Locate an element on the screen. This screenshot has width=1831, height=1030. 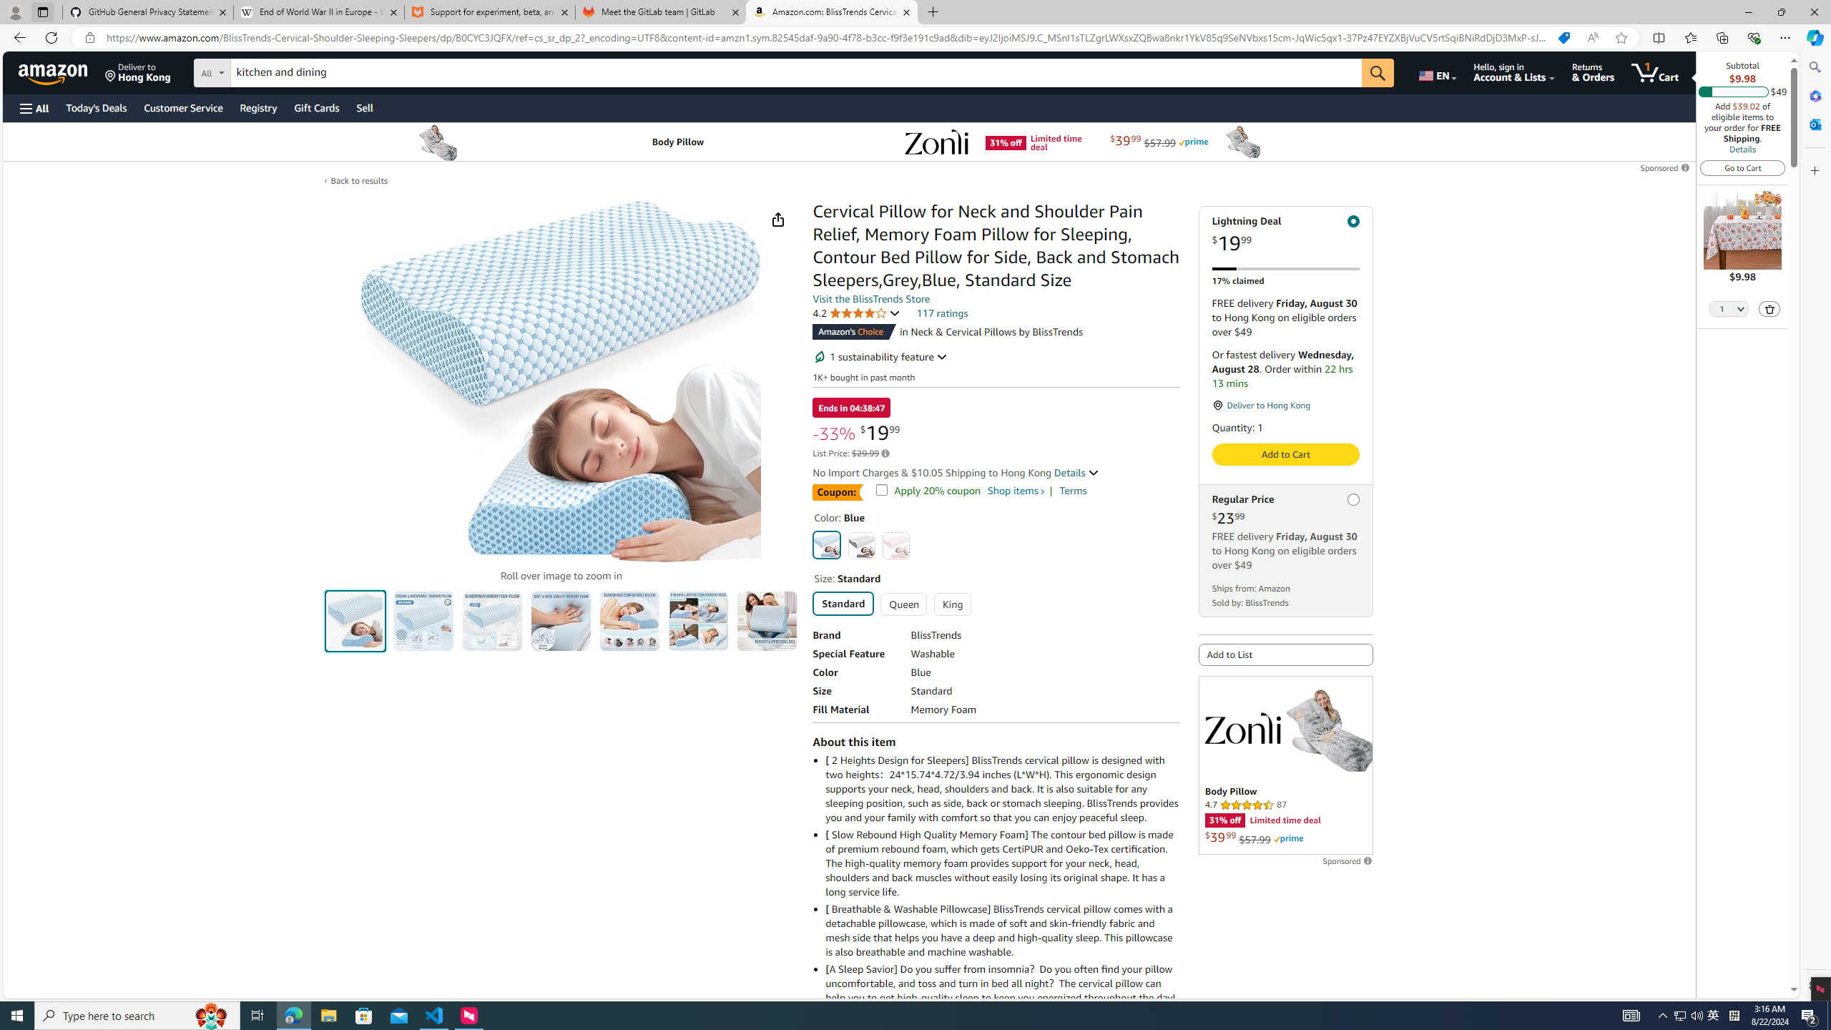
'Amazon' is located at coordinates (54, 72).